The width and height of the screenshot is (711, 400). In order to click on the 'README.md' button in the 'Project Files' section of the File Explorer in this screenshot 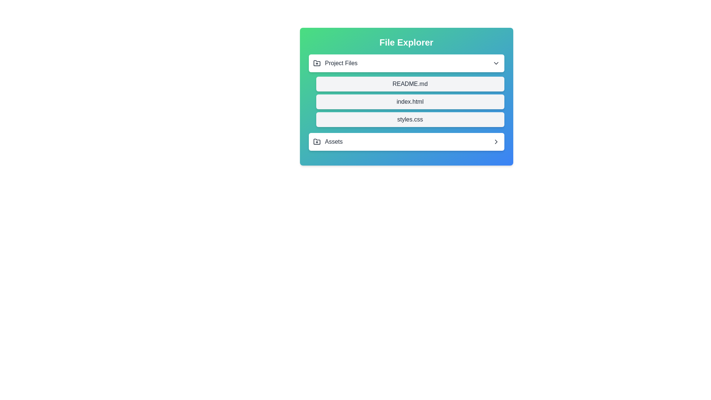, I will do `click(410, 84)`.